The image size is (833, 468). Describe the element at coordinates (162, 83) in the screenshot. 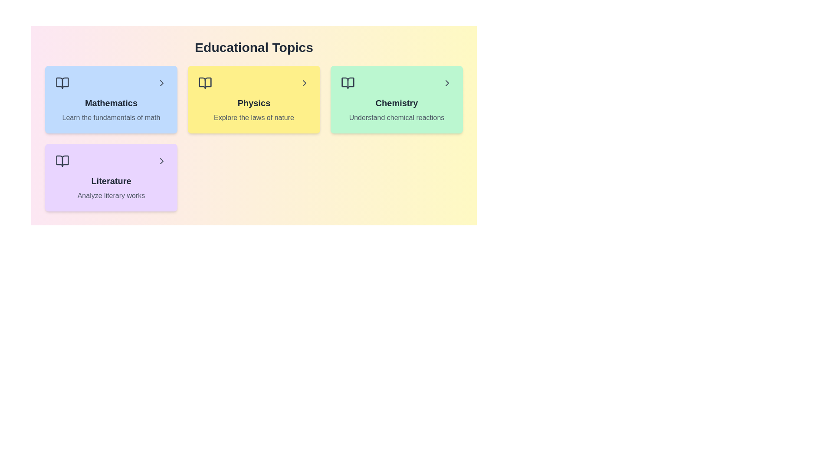

I see `the arrow icon for the topic Mathematics` at that location.